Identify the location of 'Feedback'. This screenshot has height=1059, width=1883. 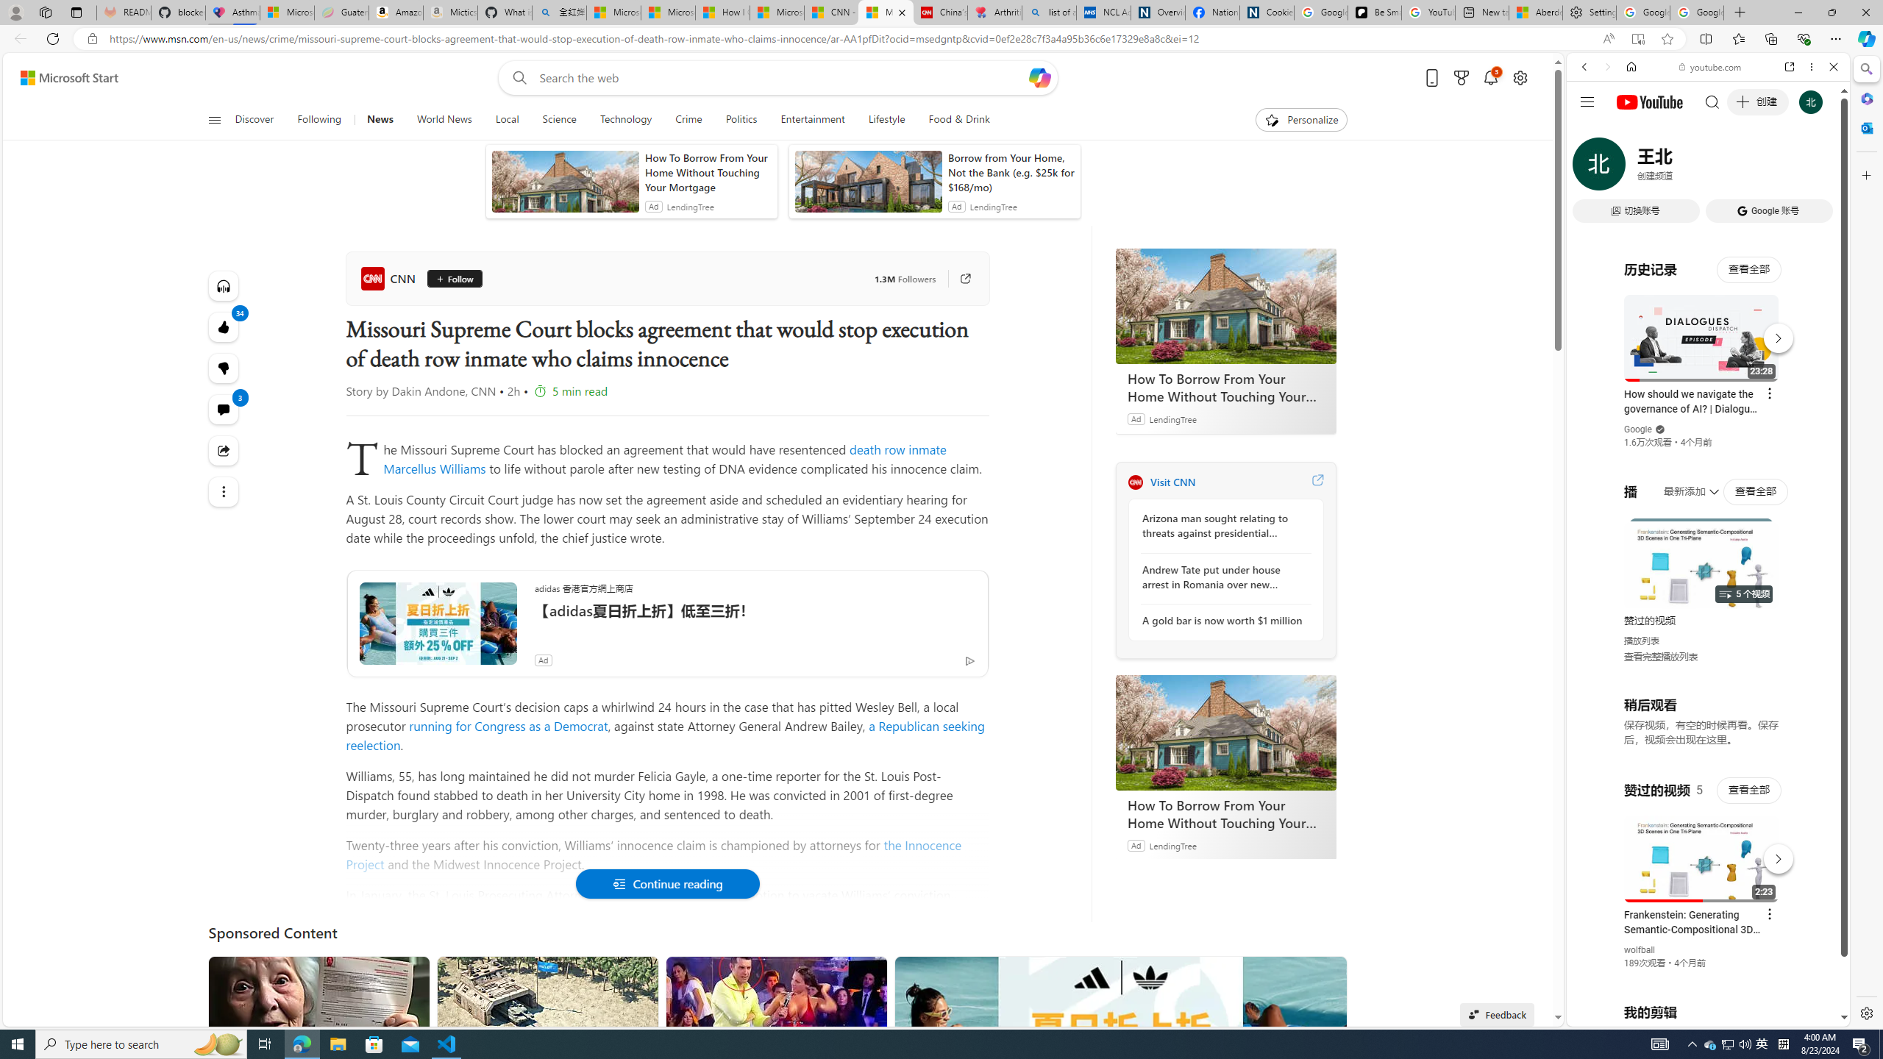
(1496, 1013).